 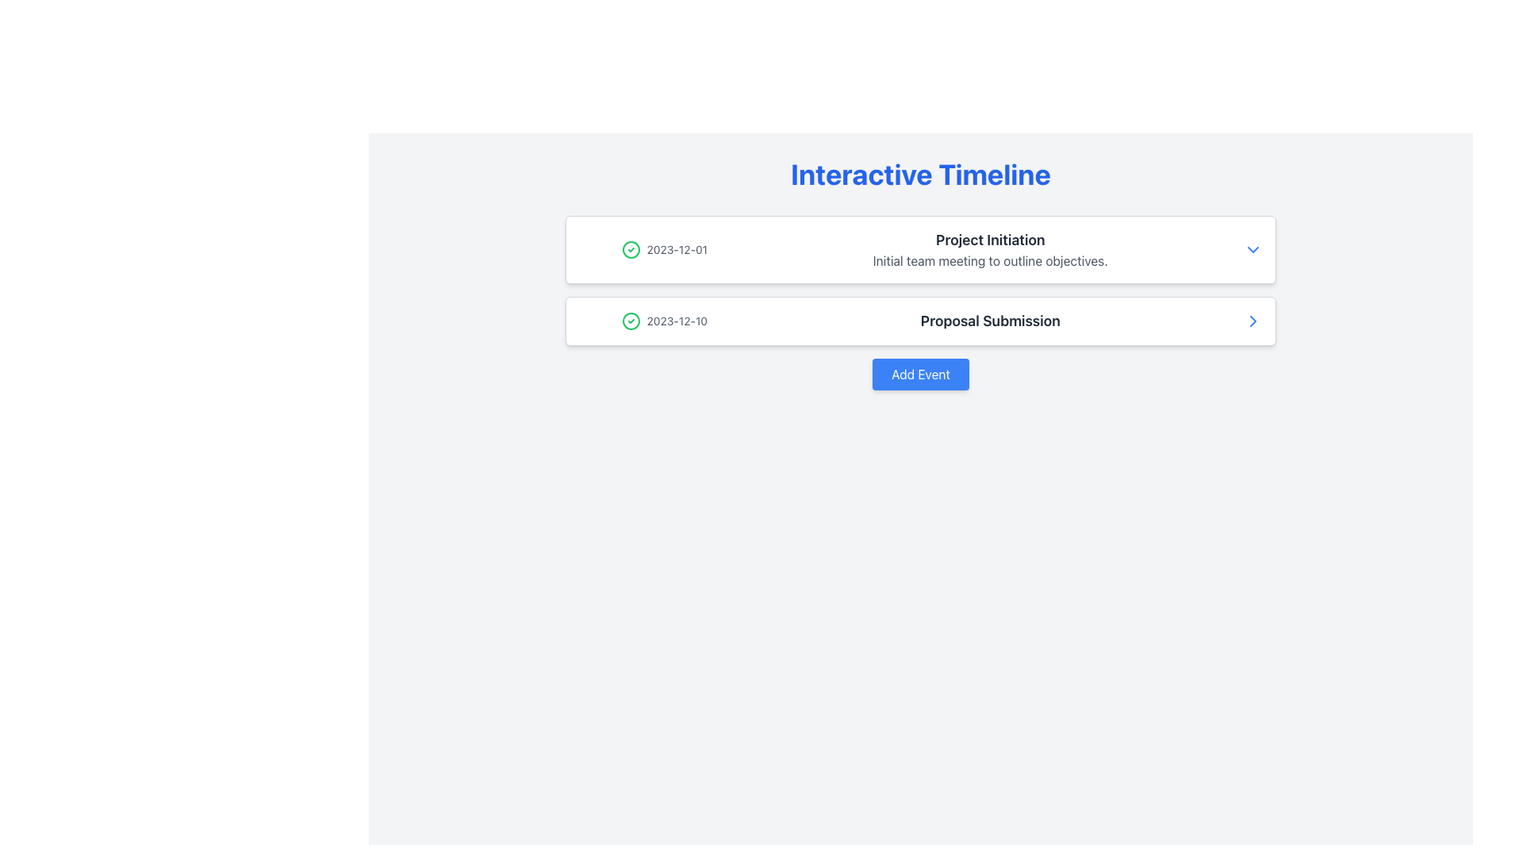 What do you see at coordinates (677, 250) in the screenshot?
I see `the text label displaying the date '2023-12-01' which is adjacent to a green checkmark icon in the first timeline entry` at bounding box center [677, 250].